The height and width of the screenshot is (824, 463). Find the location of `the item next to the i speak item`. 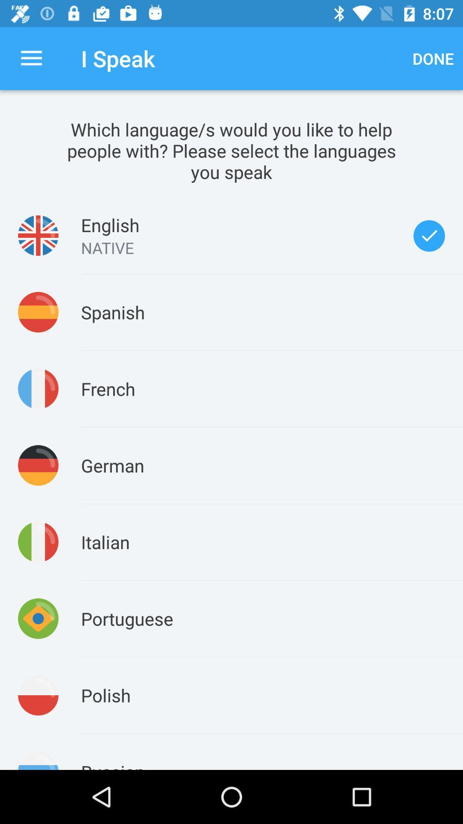

the item next to the i speak item is located at coordinates (31, 58).